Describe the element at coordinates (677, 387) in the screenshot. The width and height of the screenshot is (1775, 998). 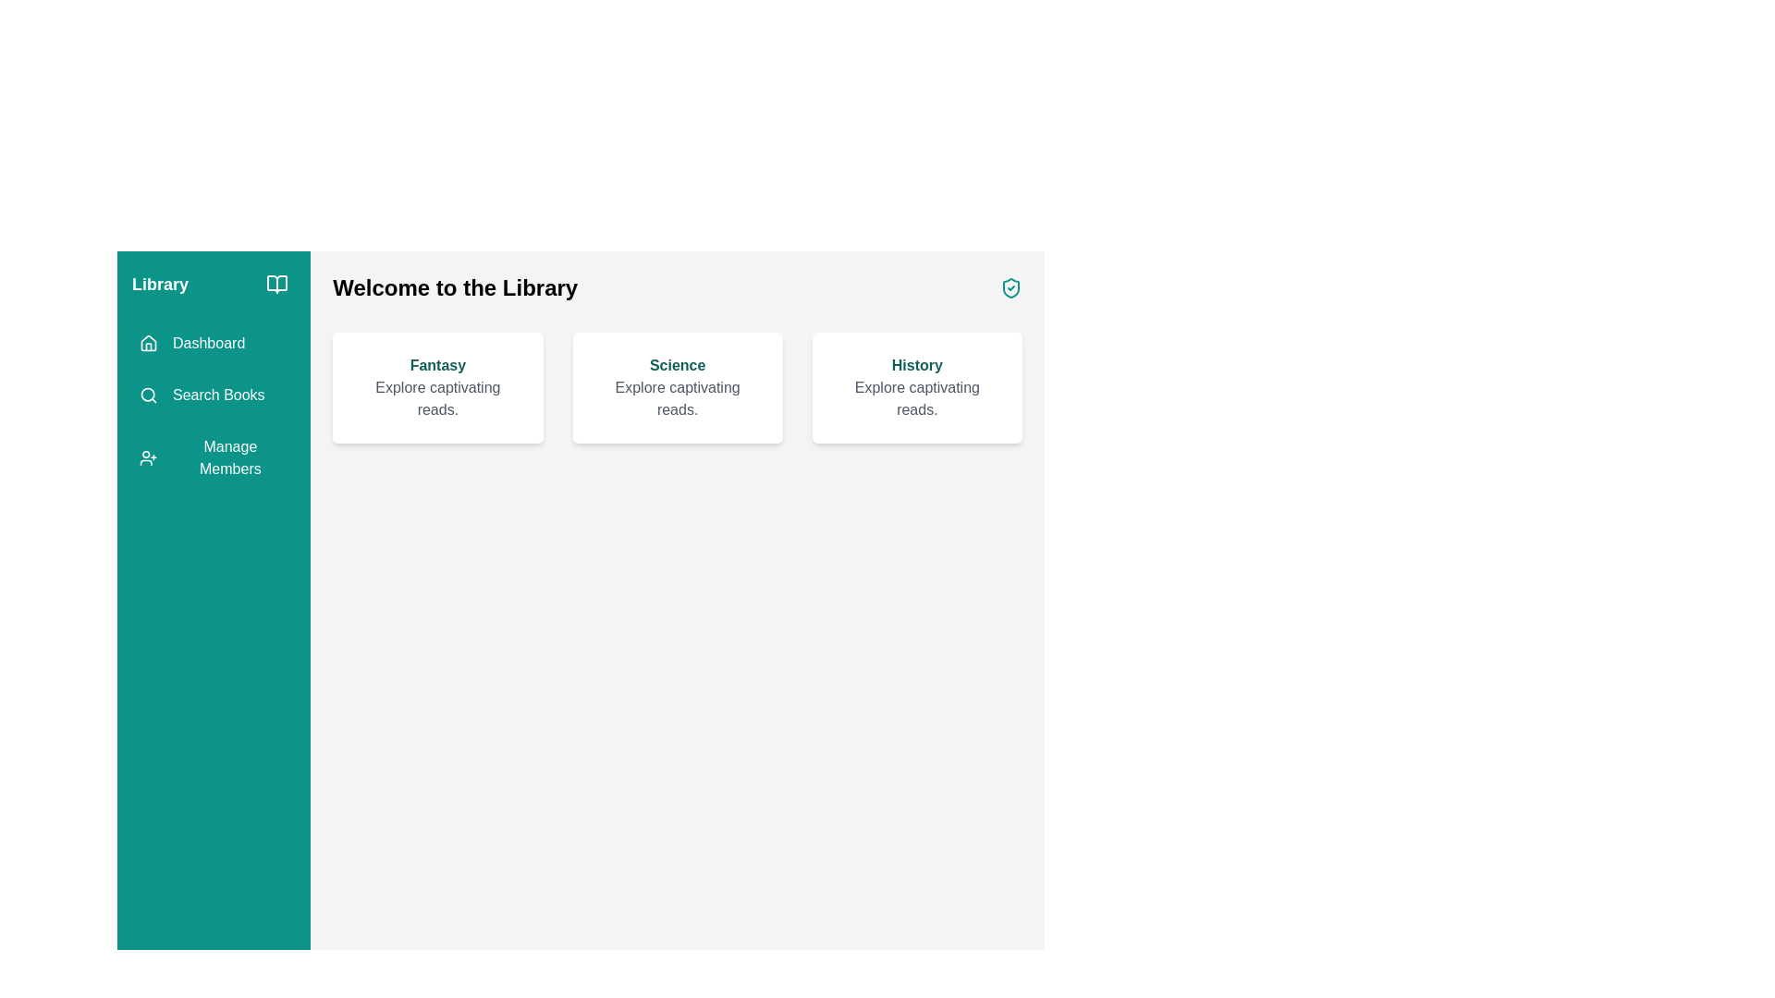
I see `the 'Science' informational card, which is the second card in a horizontal row of three cards` at that location.